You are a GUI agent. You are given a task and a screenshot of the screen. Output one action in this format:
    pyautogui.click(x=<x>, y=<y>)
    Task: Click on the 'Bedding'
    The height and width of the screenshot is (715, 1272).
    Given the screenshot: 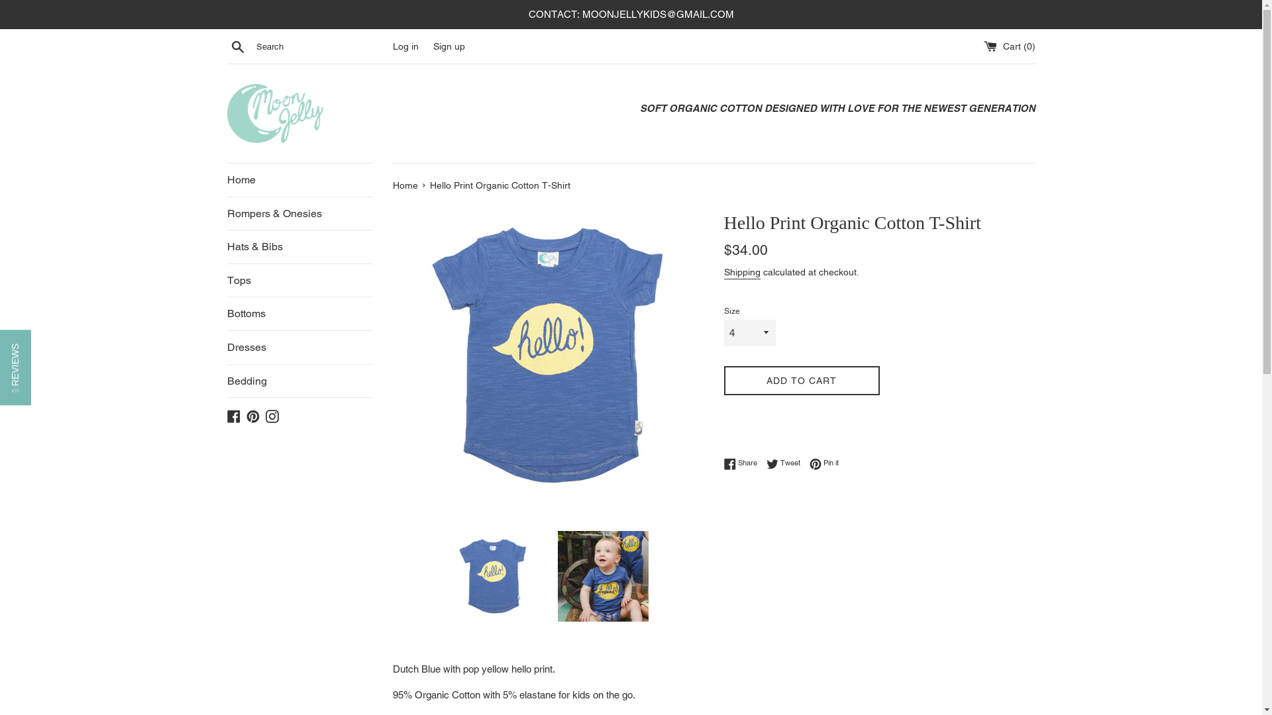 What is the action you would take?
    pyautogui.click(x=298, y=381)
    